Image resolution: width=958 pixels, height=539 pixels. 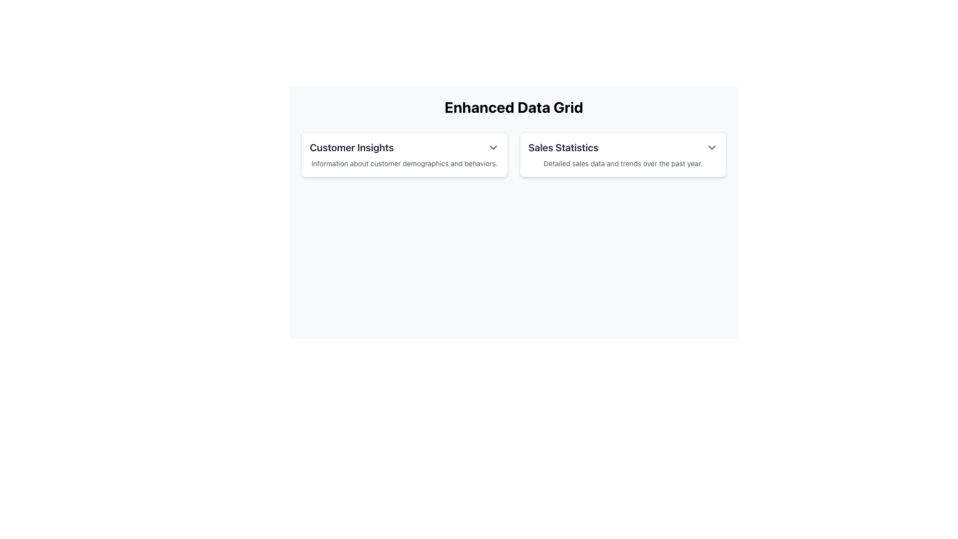 I want to click on the non-interactive text label denoting the section titled 'Sales Statistics', so click(x=563, y=148).